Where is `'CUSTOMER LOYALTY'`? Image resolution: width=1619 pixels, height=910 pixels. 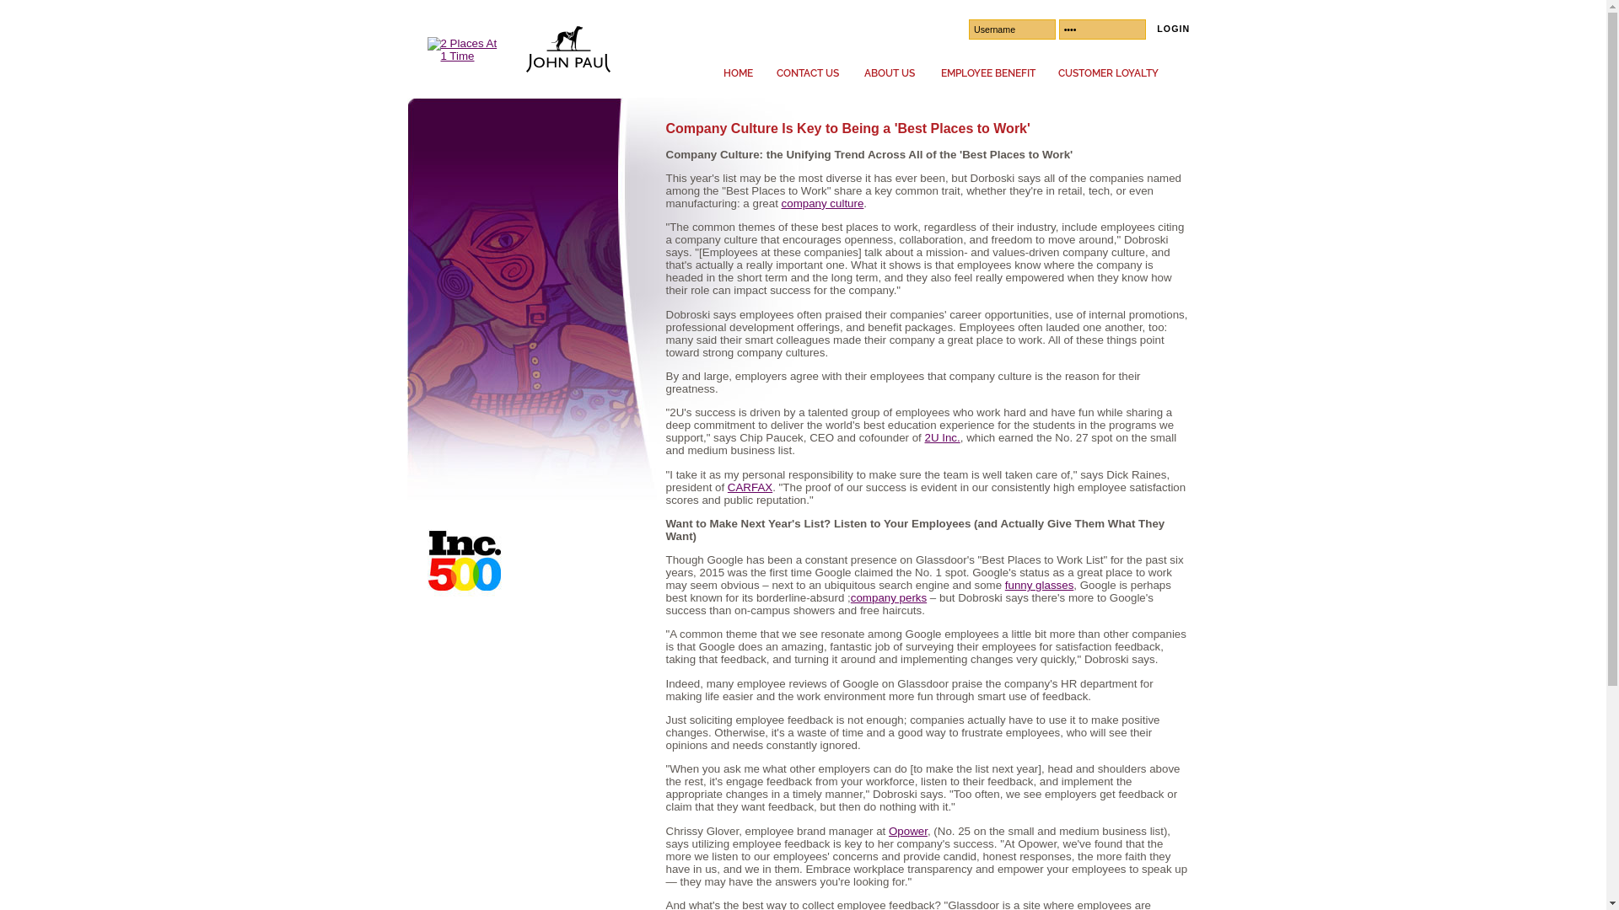 'CUSTOMER LOYALTY' is located at coordinates (1108, 72).